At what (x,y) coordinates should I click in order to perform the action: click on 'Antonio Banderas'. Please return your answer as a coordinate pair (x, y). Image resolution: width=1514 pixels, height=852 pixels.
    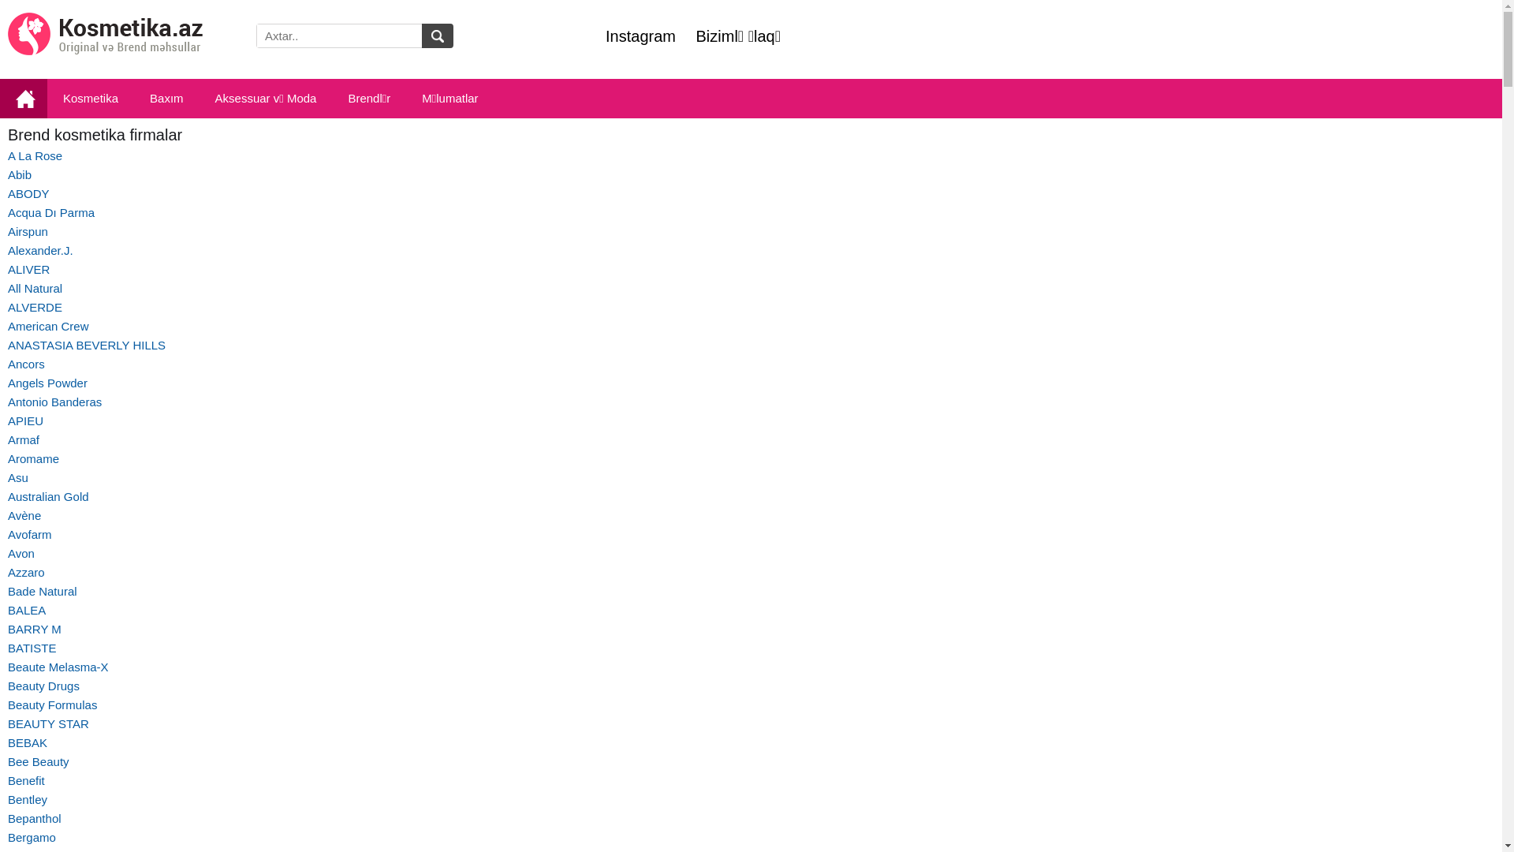
    Looking at the image, I should click on (54, 401).